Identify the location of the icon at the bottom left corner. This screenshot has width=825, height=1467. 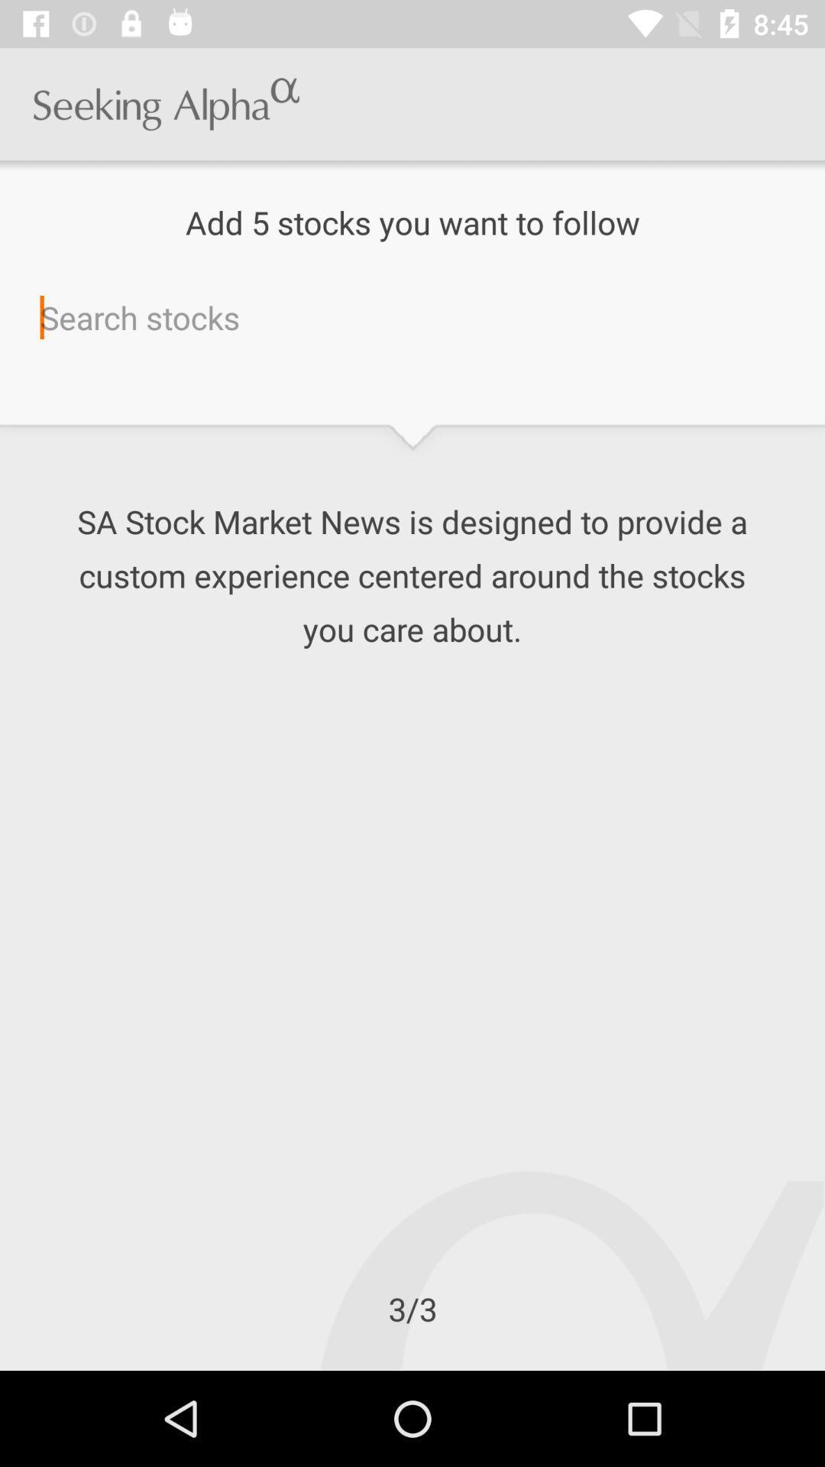
(0, 1370).